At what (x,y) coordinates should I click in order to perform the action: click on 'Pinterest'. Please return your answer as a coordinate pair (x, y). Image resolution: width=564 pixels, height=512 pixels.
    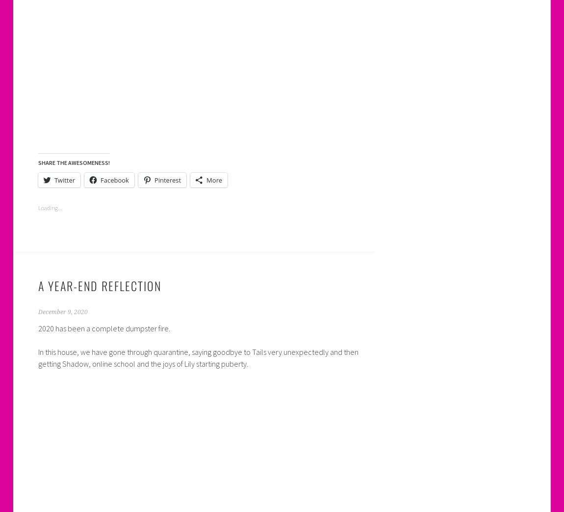
    Looking at the image, I should click on (167, 179).